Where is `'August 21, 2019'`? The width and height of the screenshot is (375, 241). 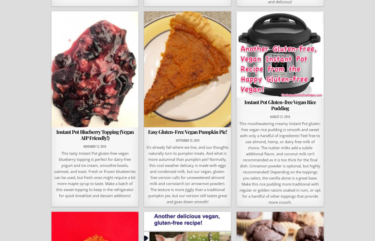 'August 21, 2019' is located at coordinates (280, 116).